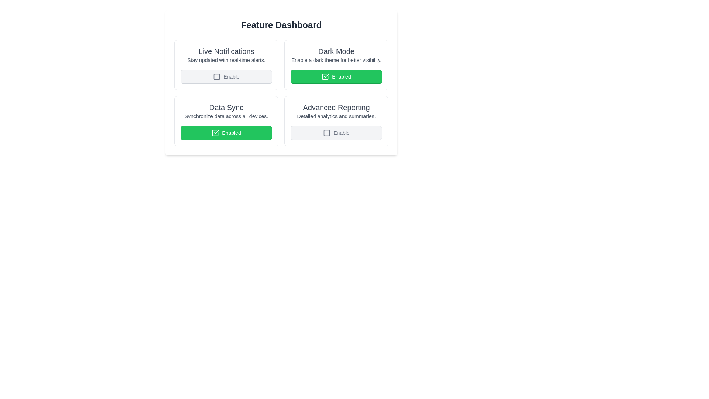 Image resolution: width=709 pixels, height=399 pixels. Describe the element at coordinates (326, 132) in the screenshot. I see `the small square component with rounded corners located in the center of the 'Enable' button in the 'Advanced Reporting' section` at that location.